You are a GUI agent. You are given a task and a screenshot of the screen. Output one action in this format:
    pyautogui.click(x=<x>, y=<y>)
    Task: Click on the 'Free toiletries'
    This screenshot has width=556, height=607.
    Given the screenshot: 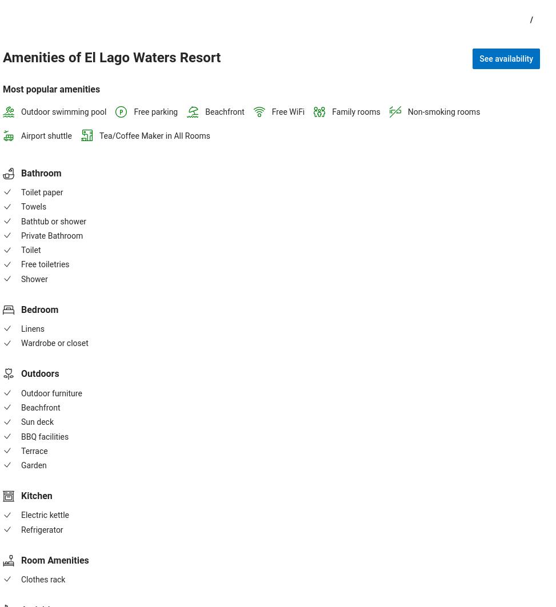 What is the action you would take?
    pyautogui.click(x=45, y=264)
    